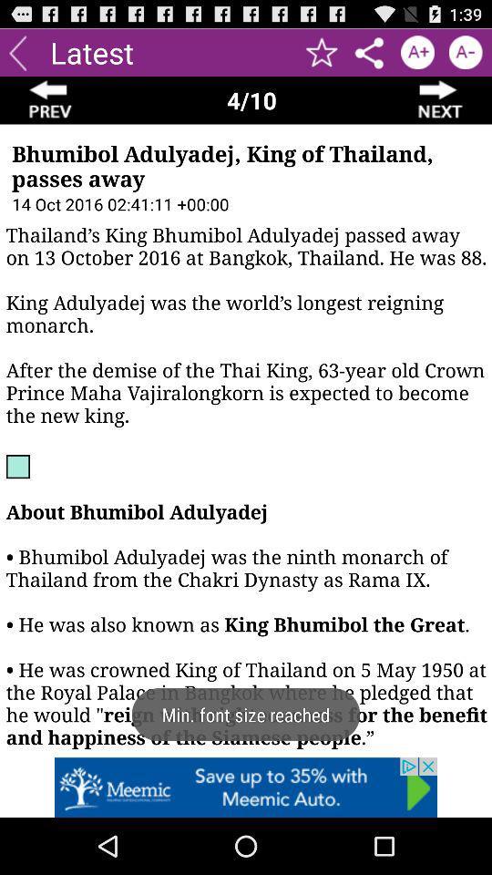  Describe the element at coordinates (16, 56) in the screenshot. I see `the arrow_backward icon` at that location.